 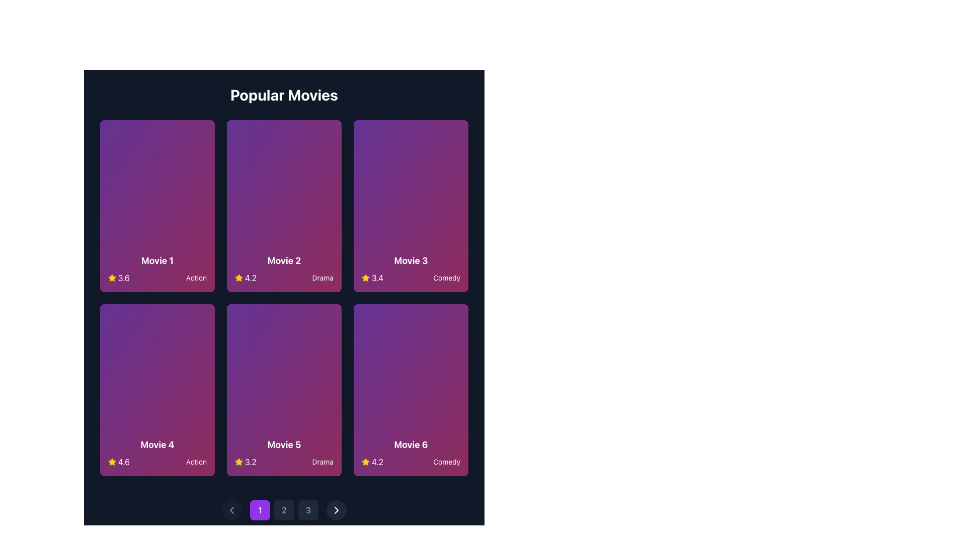 I want to click on the circular button displaying the number '2' in the pagination control, so click(x=284, y=510).